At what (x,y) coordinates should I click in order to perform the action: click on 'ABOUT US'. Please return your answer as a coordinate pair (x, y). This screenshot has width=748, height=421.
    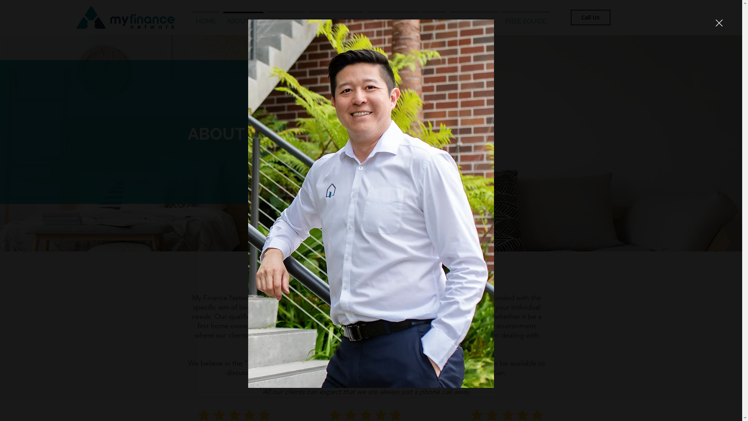
    Looking at the image, I should click on (243, 18).